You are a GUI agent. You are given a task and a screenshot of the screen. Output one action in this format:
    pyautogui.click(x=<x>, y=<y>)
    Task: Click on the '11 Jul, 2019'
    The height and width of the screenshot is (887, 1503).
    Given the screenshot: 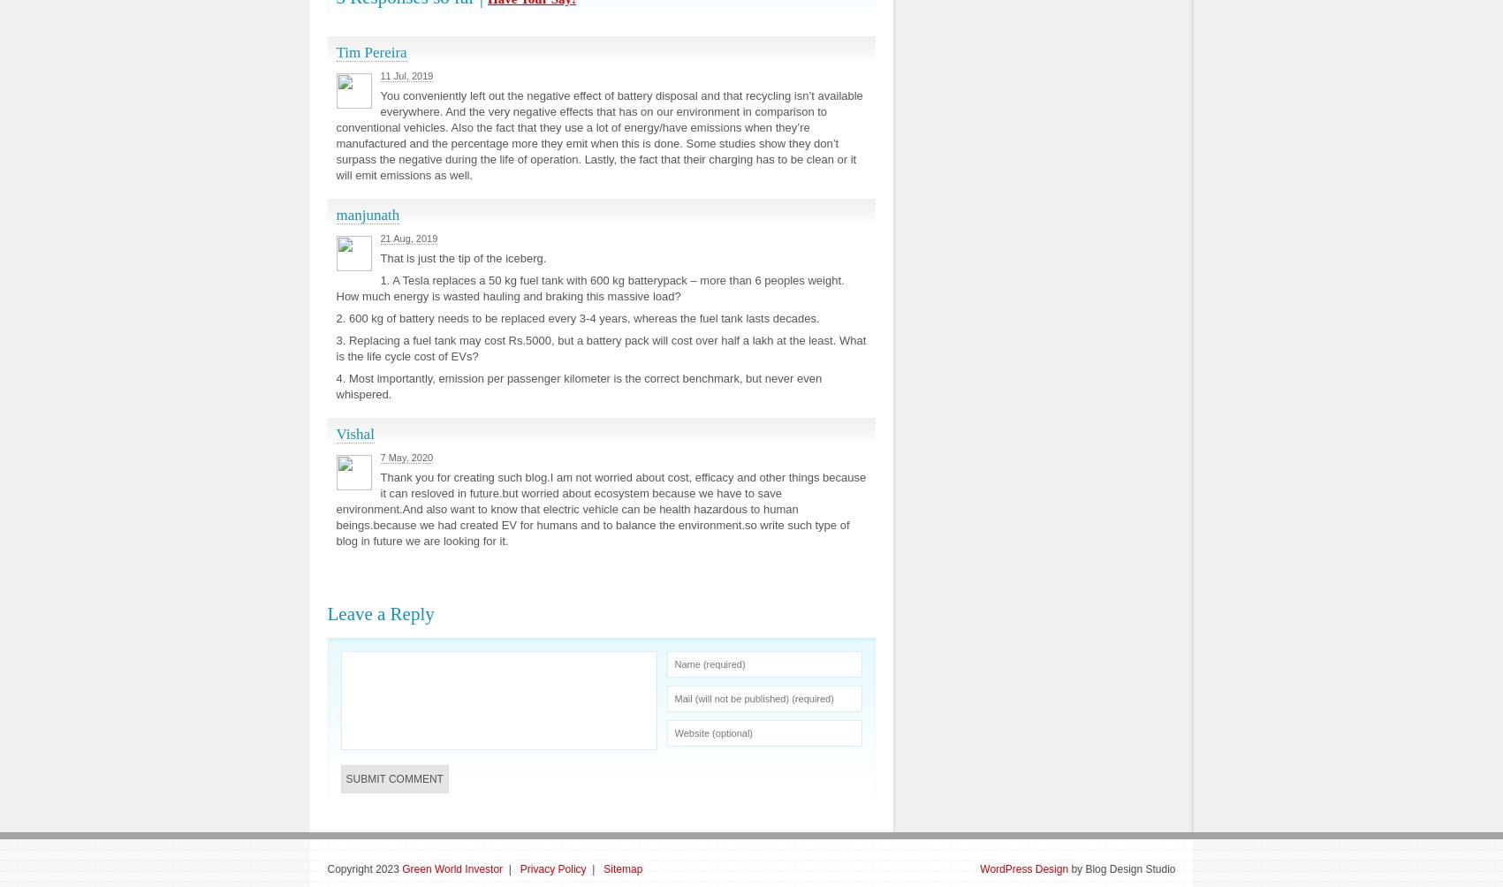 What is the action you would take?
    pyautogui.click(x=379, y=76)
    